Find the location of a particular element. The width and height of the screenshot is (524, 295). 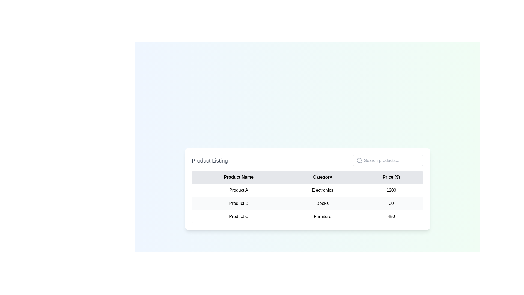

the text label displaying the price of 'Product C' in the last column of the table under the header 'Price ($)' is located at coordinates (391, 216).